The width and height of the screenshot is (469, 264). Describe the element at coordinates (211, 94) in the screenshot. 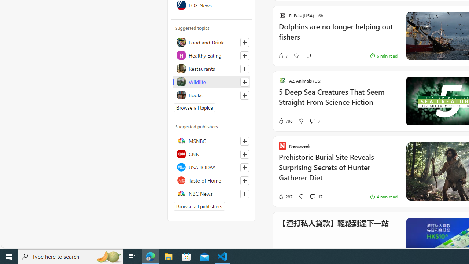

I see `'Books'` at that location.